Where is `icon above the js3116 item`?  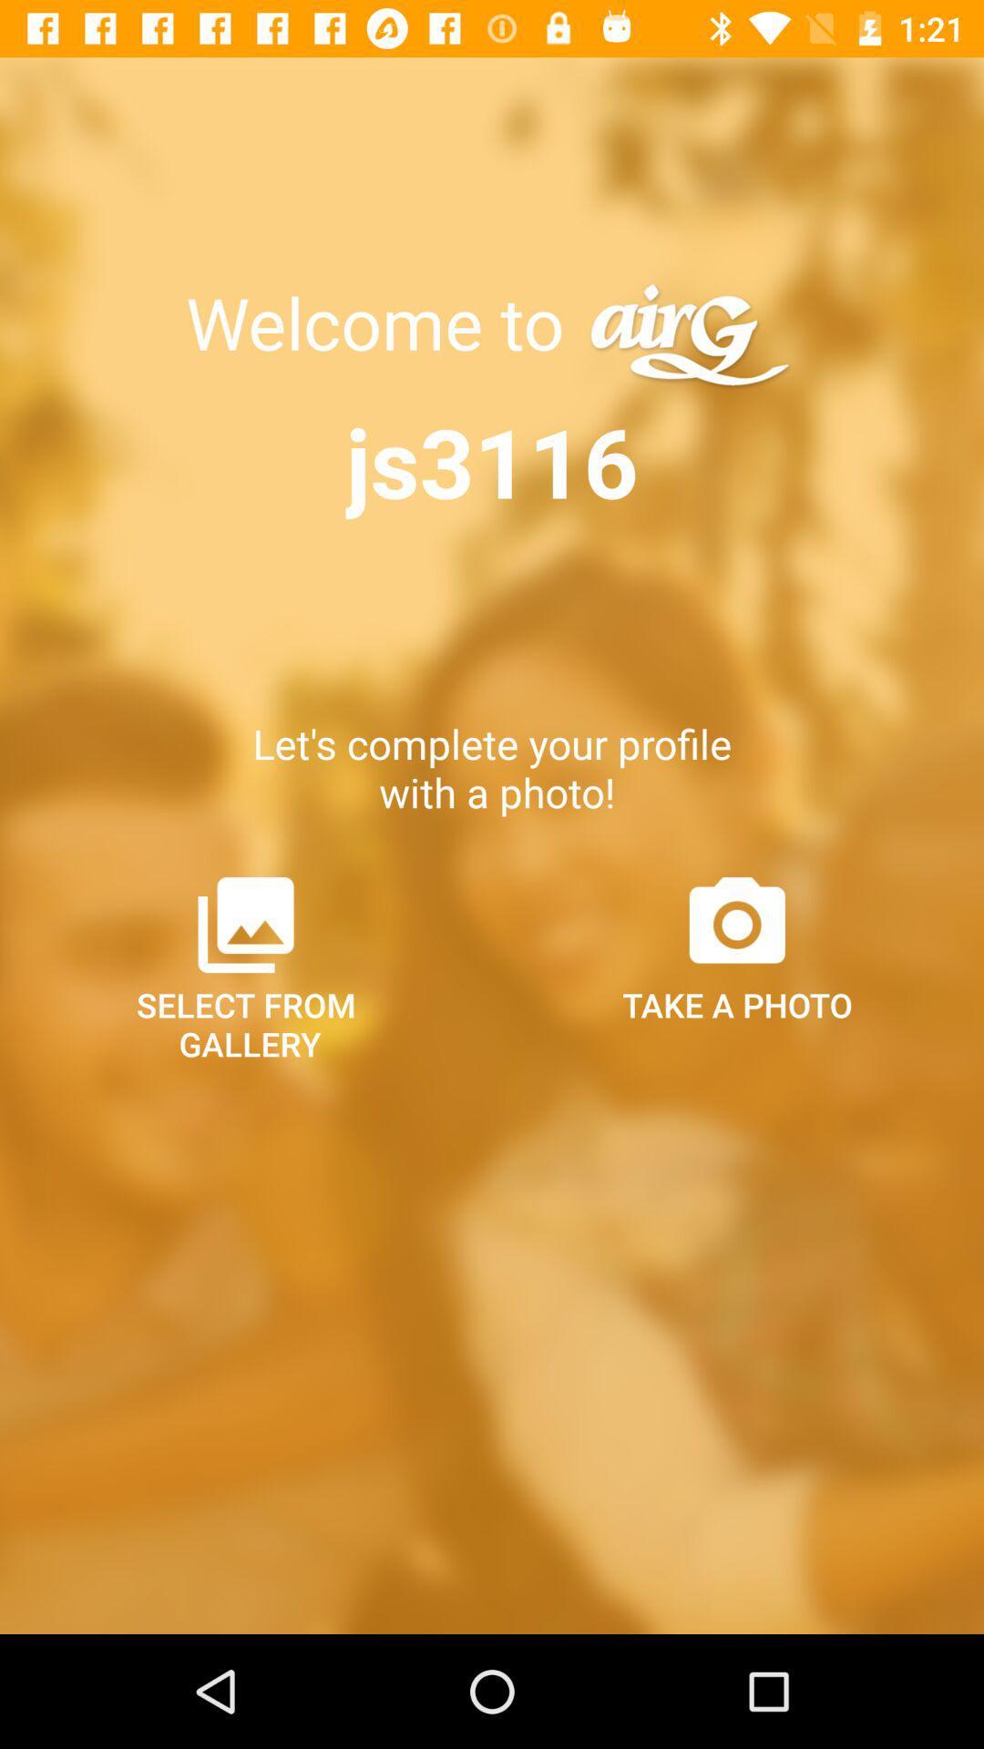 icon above the js3116 item is located at coordinates (383, 322).